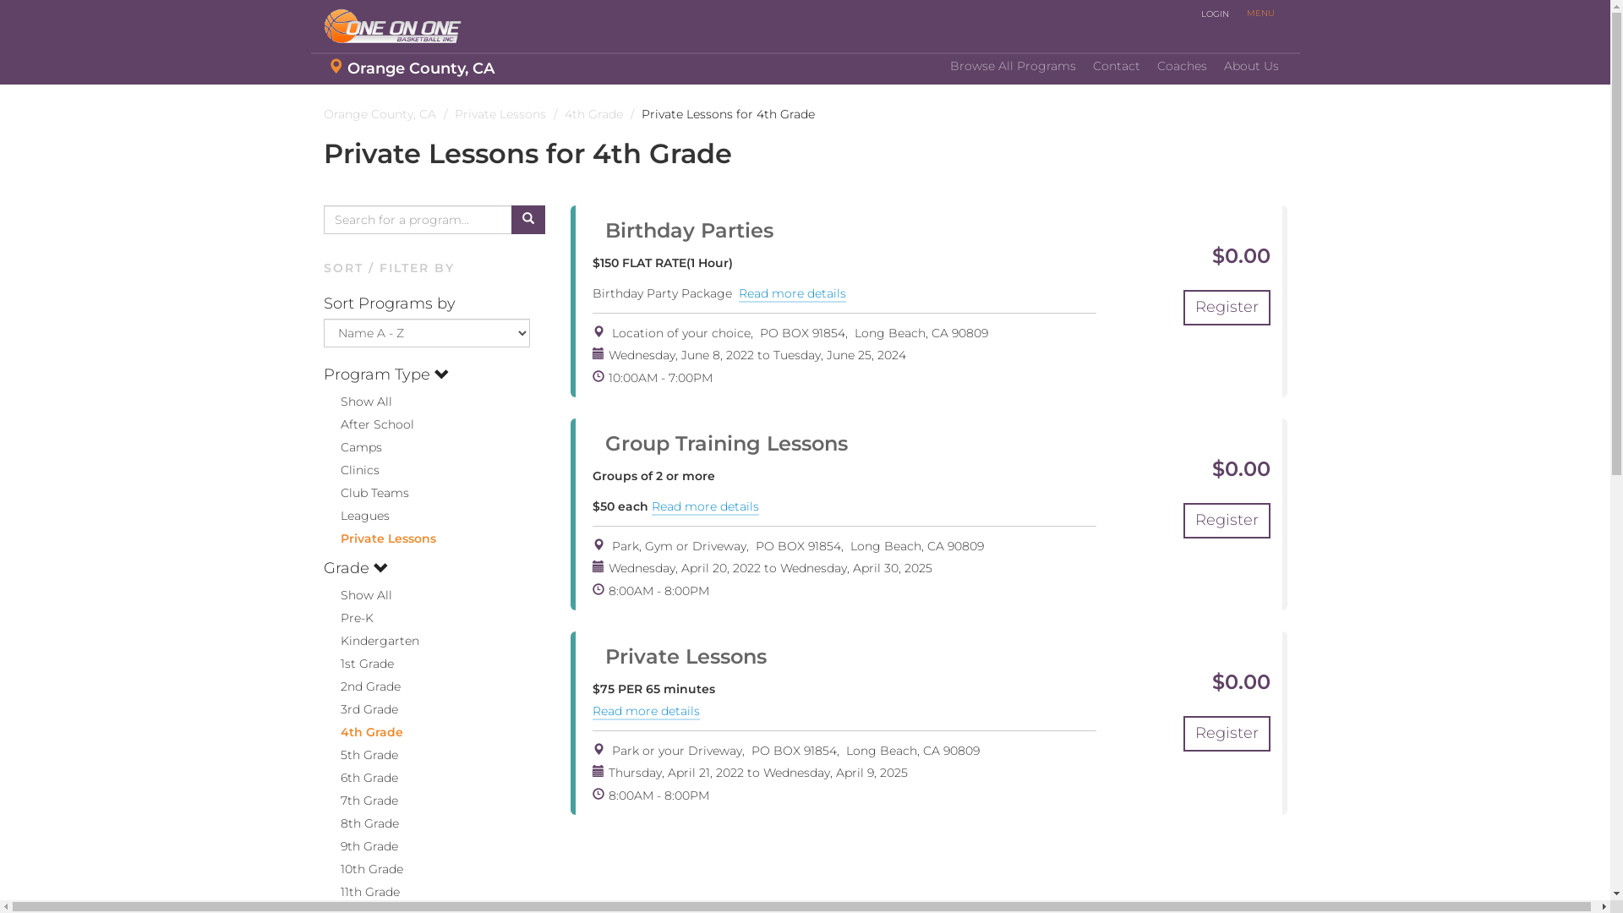  Describe the element at coordinates (1116, 65) in the screenshot. I see `'Contact'` at that location.